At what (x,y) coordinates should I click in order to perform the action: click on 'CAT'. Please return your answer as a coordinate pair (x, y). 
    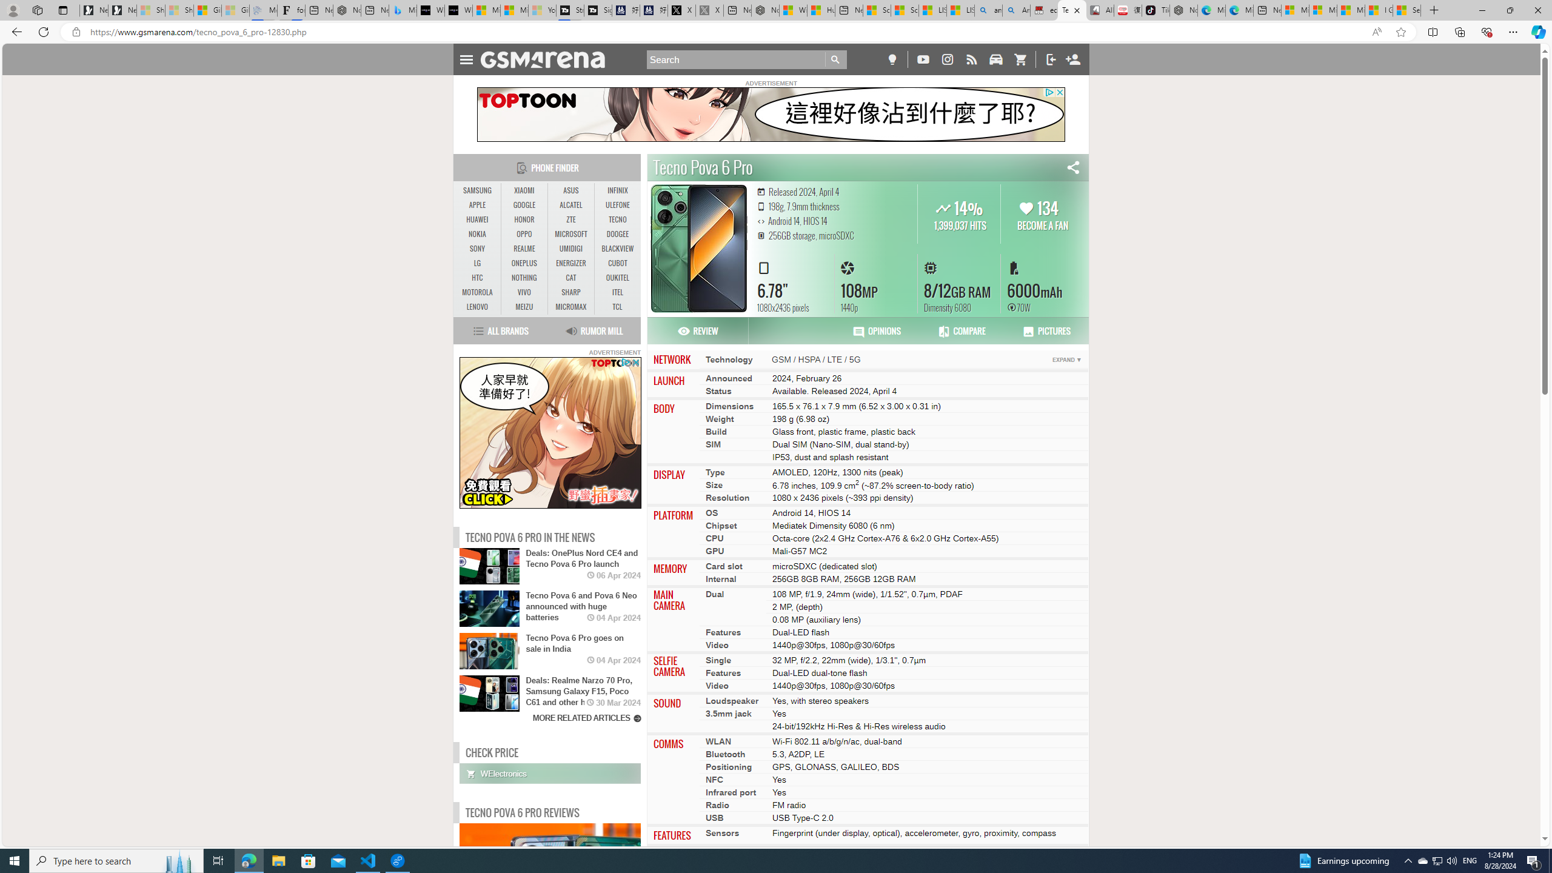
    Looking at the image, I should click on (570, 277).